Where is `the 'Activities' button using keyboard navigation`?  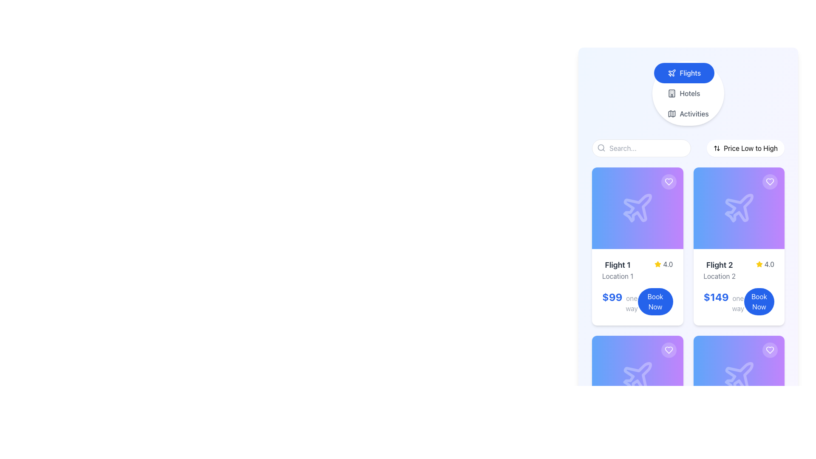 the 'Activities' button using keyboard navigation is located at coordinates (688, 113).